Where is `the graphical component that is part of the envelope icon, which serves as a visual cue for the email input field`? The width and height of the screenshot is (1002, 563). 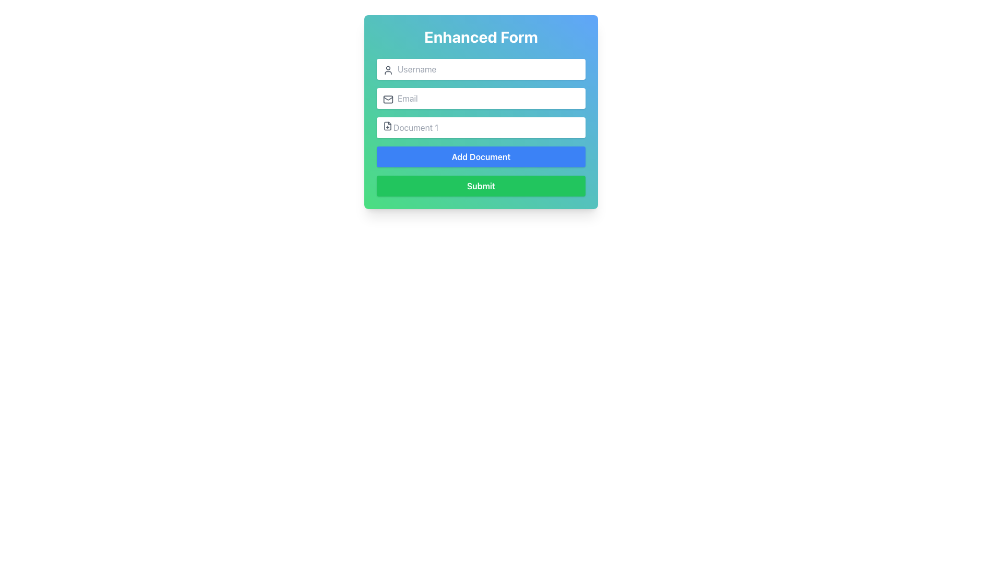 the graphical component that is part of the envelope icon, which serves as a visual cue for the email input field is located at coordinates (388, 100).